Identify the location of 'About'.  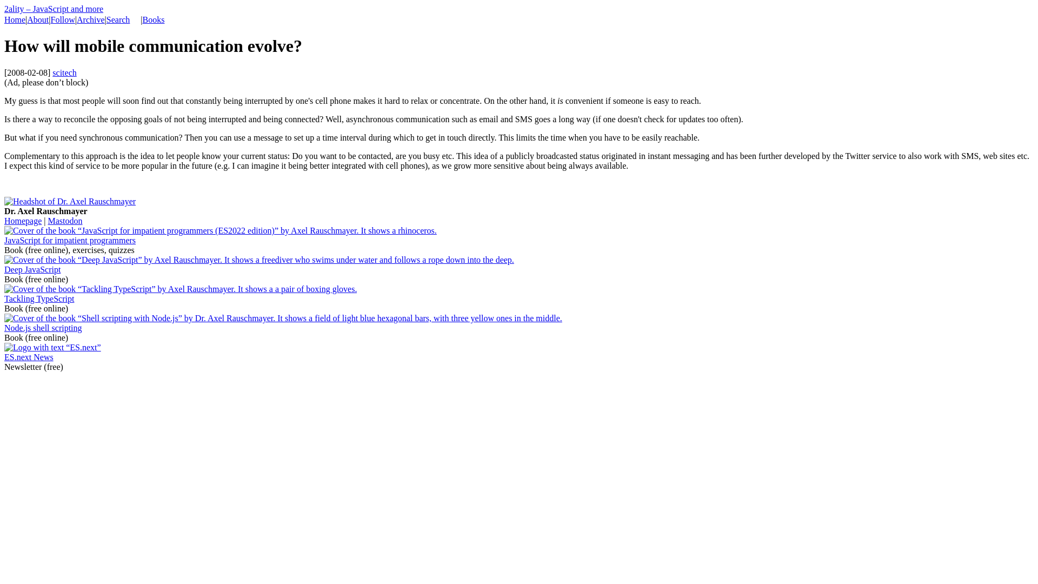
(26, 19).